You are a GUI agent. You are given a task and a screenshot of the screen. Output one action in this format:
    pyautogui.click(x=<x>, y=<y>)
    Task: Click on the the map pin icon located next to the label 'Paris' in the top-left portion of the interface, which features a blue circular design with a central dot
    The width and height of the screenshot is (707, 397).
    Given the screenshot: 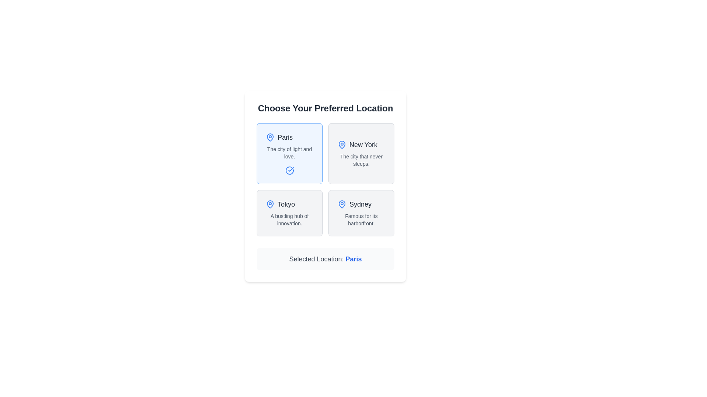 What is the action you would take?
    pyautogui.click(x=270, y=137)
    